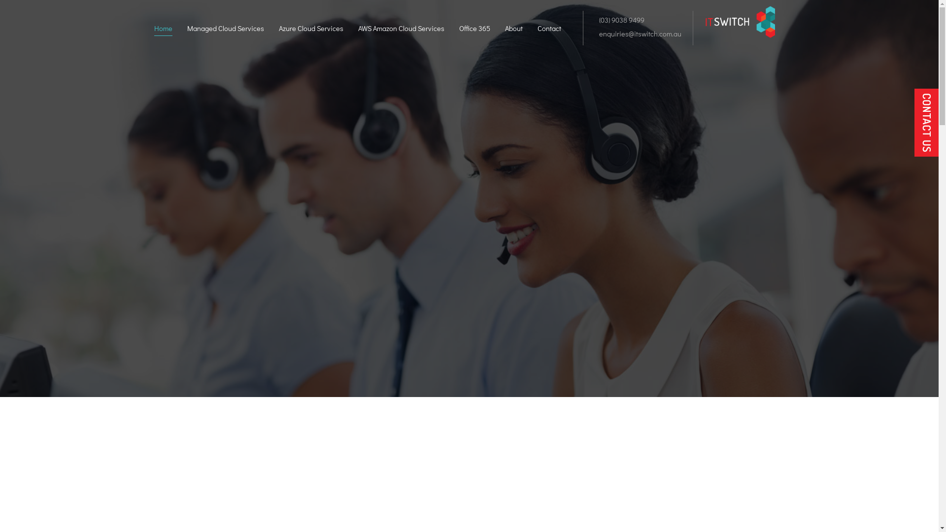 This screenshot has width=946, height=532. Describe the element at coordinates (619, 20) in the screenshot. I see `'(03) 9038 9499'` at that location.